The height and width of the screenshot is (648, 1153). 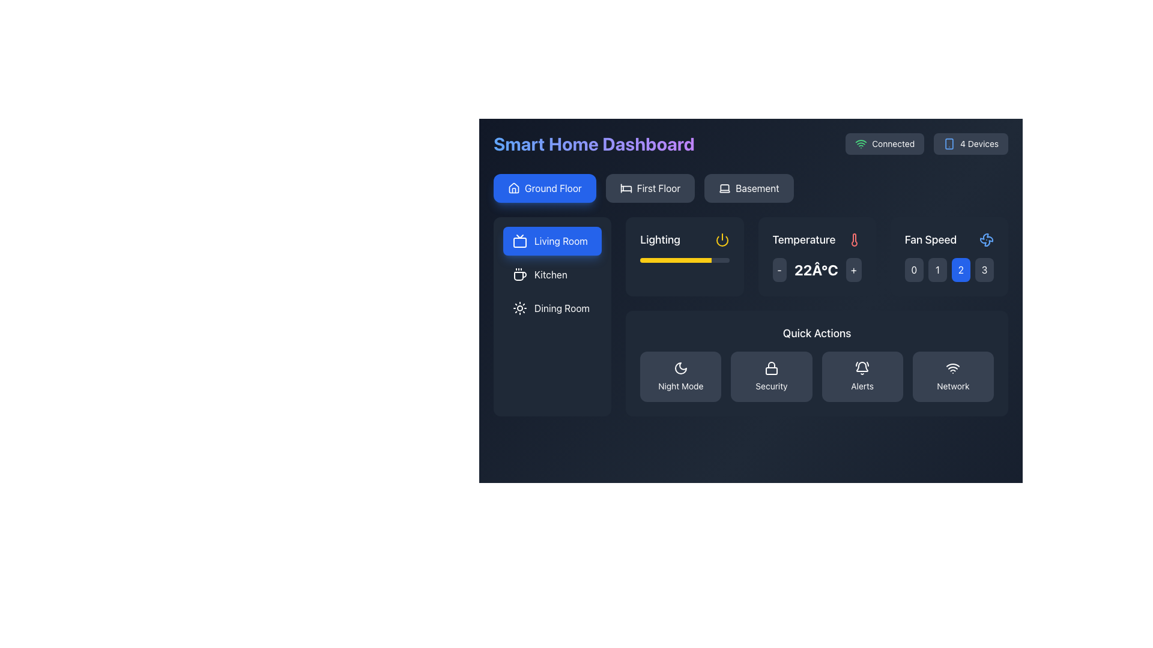 I want to click on the icon representing the 'First Floor' section, which is a minimalistic grey bed icon positioned to the left of the label 'First Floor', so click(x=625, y=188).